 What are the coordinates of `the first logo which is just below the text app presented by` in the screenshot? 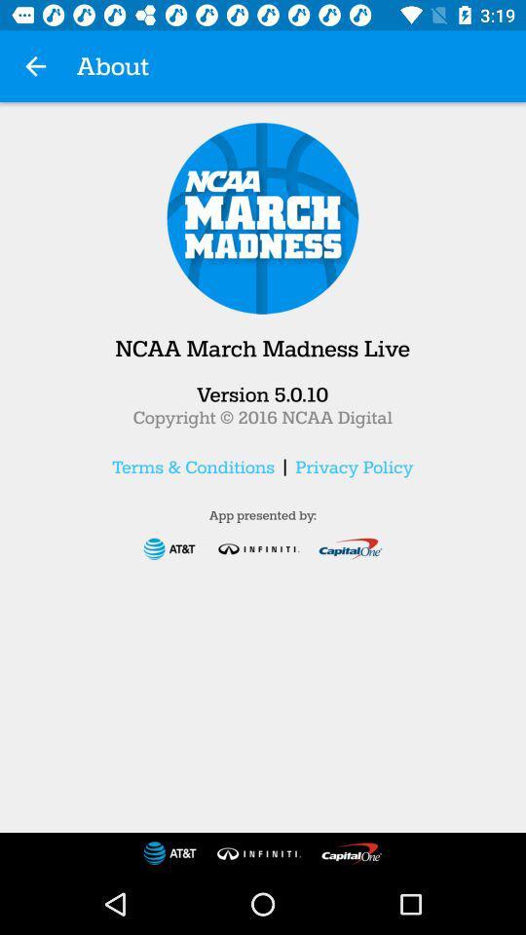 It's located at (169, 549).